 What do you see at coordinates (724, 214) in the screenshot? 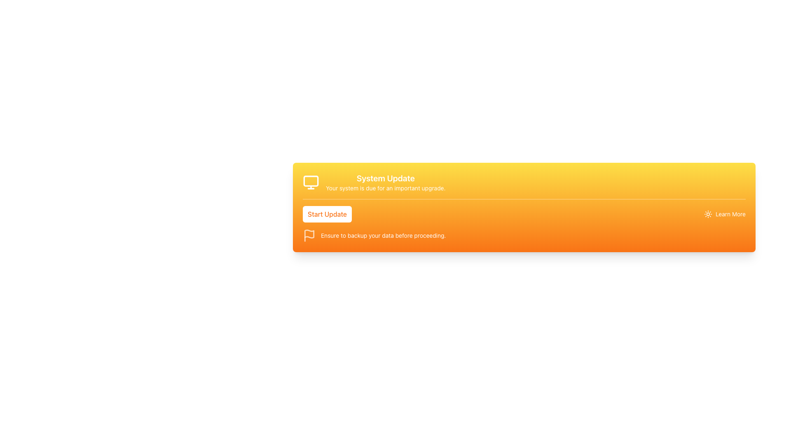
I see `the 'Learn More' hyperlink with a sun icon to trigger visual feedback` at bounding box center [724, 214].